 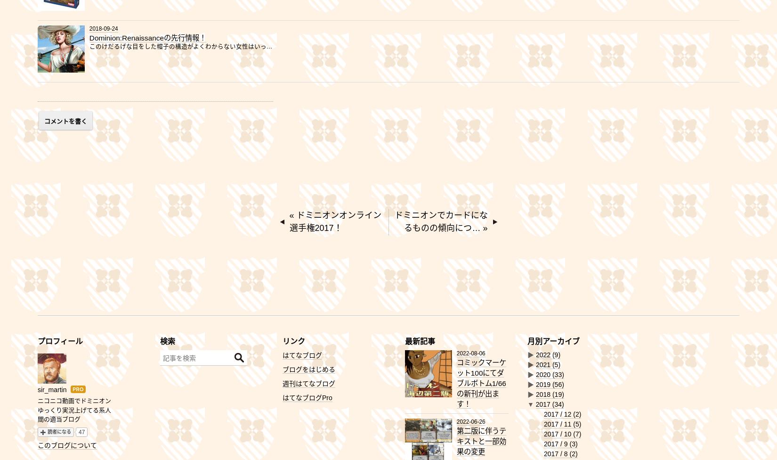 What do you see at coordinates (558, 385) in the screenshot?
I see `'(56)'` at bounding box center [558, 385].